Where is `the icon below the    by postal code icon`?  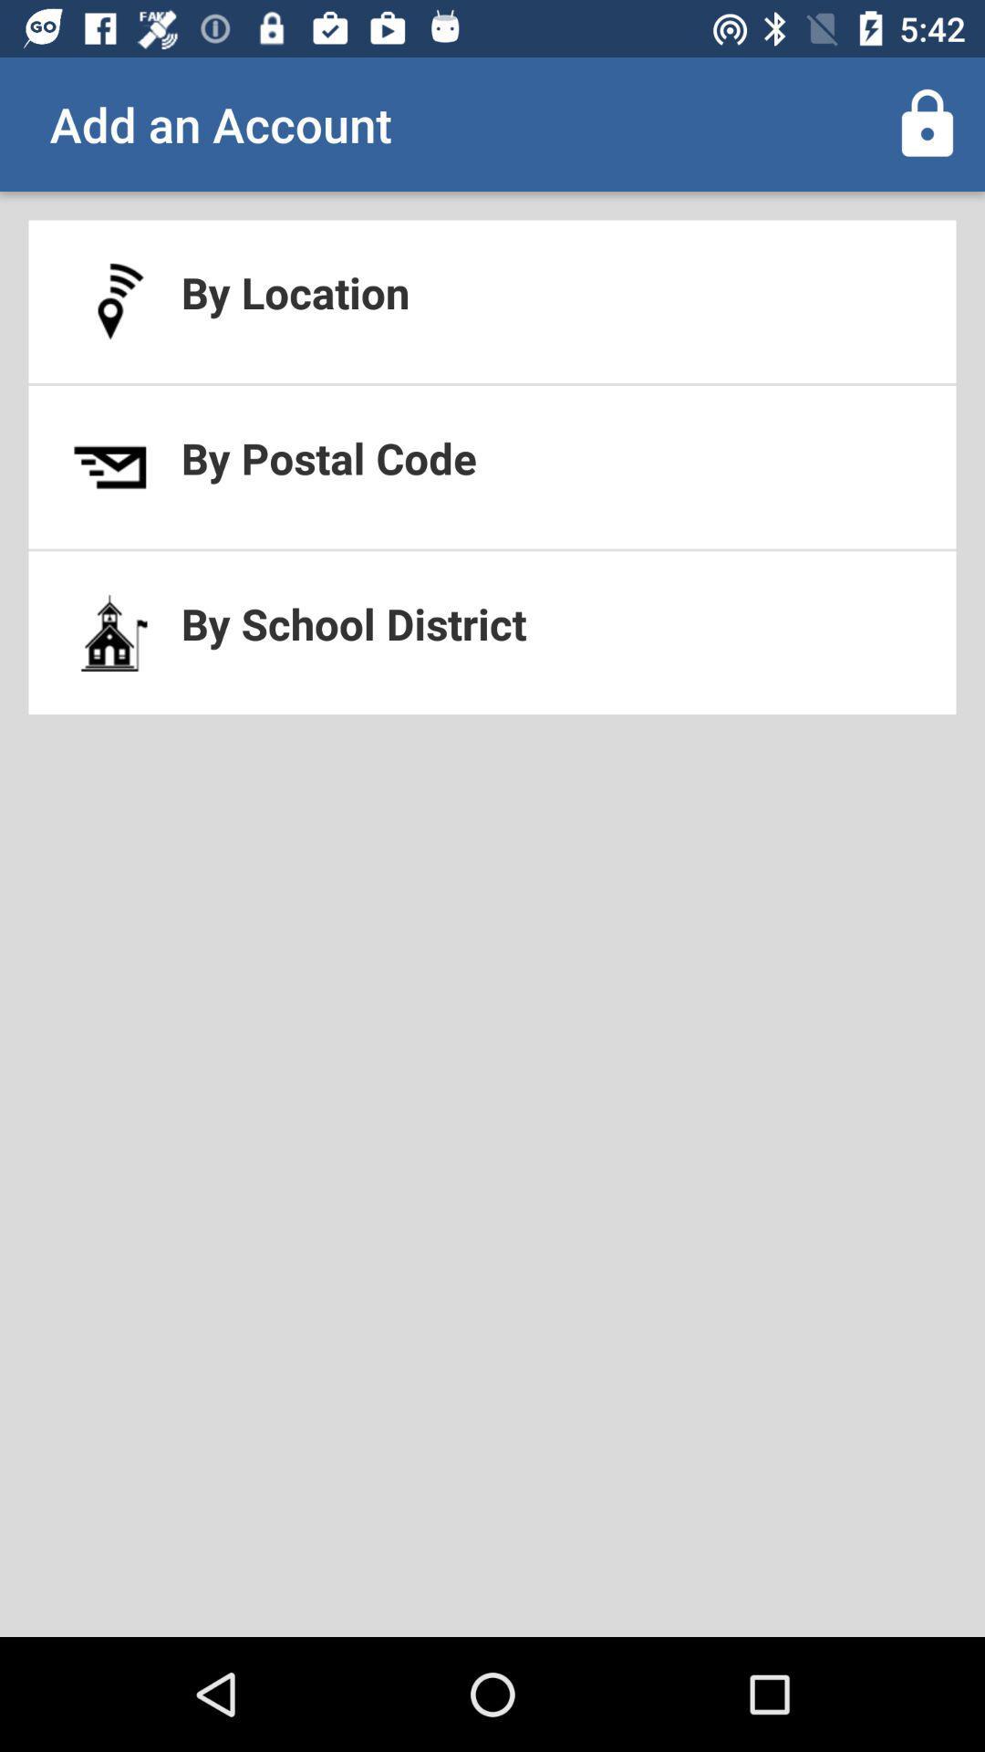 the icon below the    by postal code icon is located at coordinates (493, 632).